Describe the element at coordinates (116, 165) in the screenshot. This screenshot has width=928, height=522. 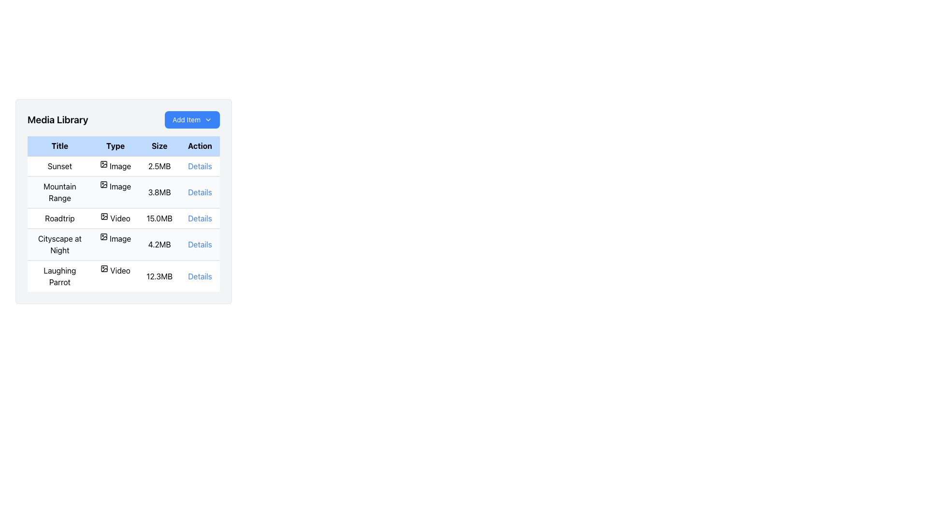
I see `the text-label element displaying the media type 'Image' for the 'Sunset' entry in the media library, located in the second column of the first row of the table` at that location.